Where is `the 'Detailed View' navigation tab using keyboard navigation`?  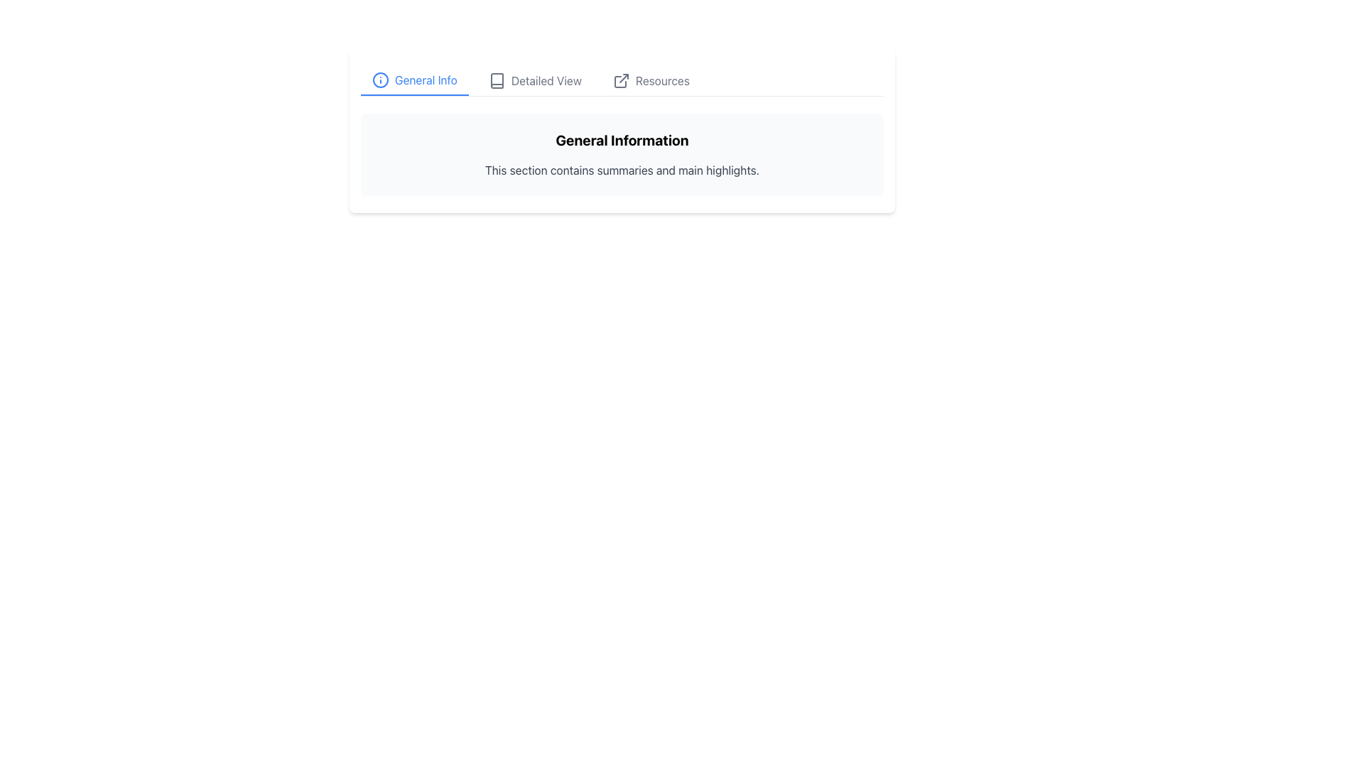 the 'Detailed View' navigation tab using keyboard navigation is located at coordinates (534, 81).